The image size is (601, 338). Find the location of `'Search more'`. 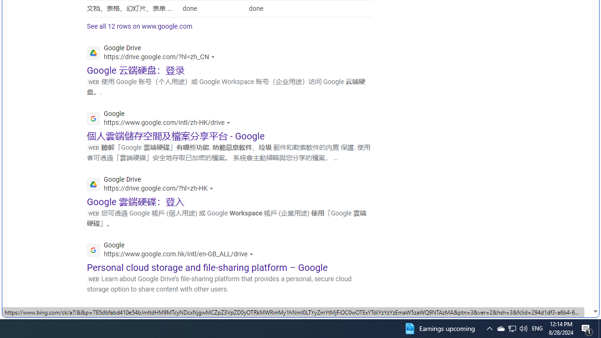

'Search more' is located at coordinates (574, 283).